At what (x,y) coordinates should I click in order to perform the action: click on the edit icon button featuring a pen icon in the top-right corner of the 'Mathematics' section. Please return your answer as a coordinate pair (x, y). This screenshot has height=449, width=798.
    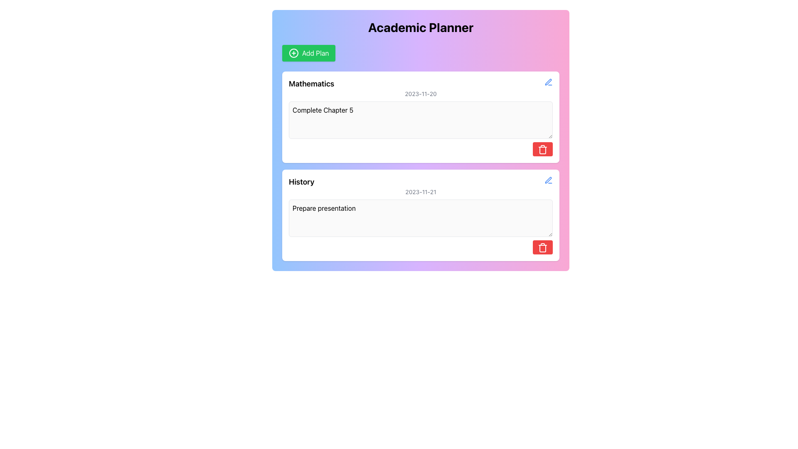
    Looking at the image, I should click on (549, 82).